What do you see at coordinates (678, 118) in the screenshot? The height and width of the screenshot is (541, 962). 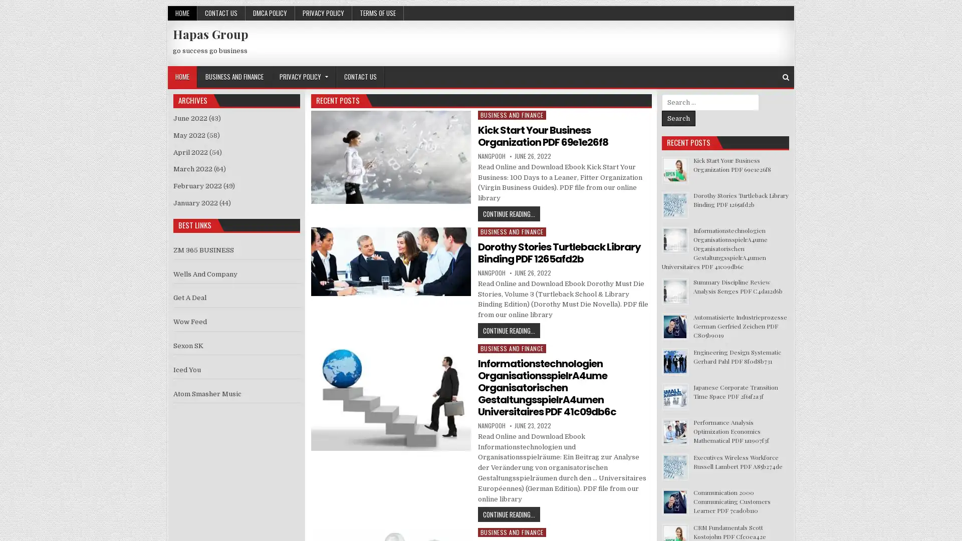 I see `Search` at bounding box center [678, 118].